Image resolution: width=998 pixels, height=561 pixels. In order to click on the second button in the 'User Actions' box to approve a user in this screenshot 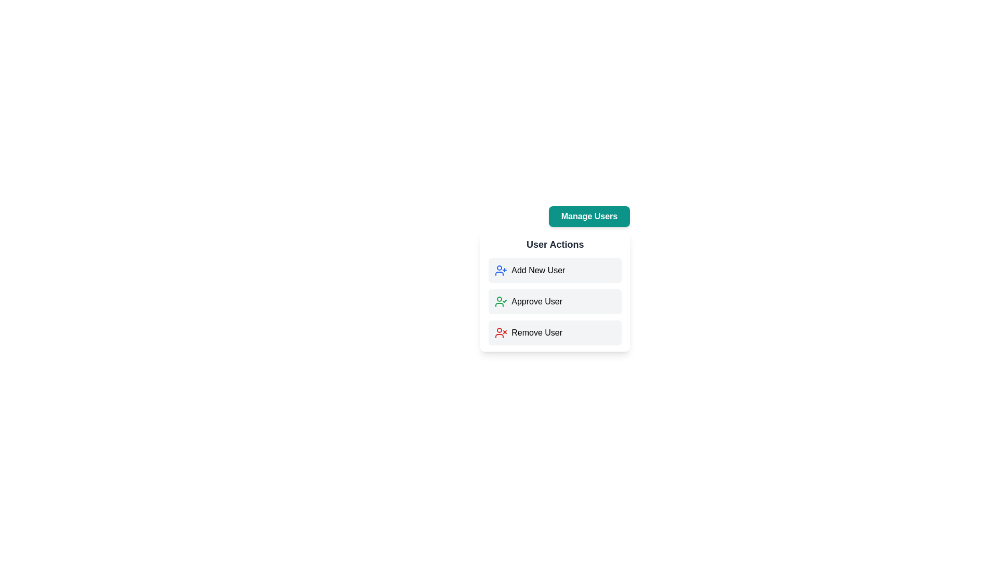, I will do `click(589, 306)`.